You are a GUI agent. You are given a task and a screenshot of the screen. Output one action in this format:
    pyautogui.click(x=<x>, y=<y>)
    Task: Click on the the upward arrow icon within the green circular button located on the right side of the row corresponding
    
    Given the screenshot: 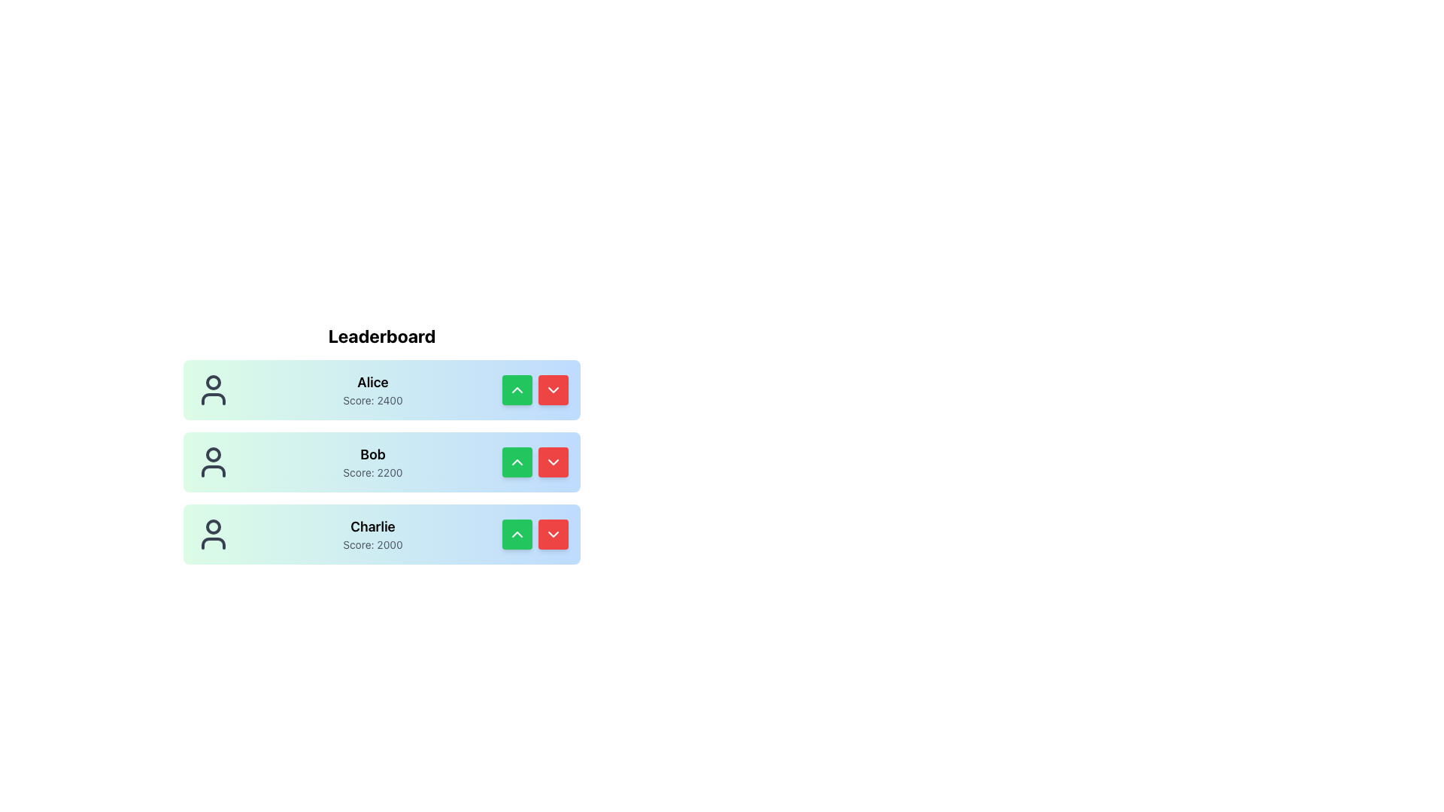 What is the action you would take?
    pyautogui.click(x=517, y=389)
    